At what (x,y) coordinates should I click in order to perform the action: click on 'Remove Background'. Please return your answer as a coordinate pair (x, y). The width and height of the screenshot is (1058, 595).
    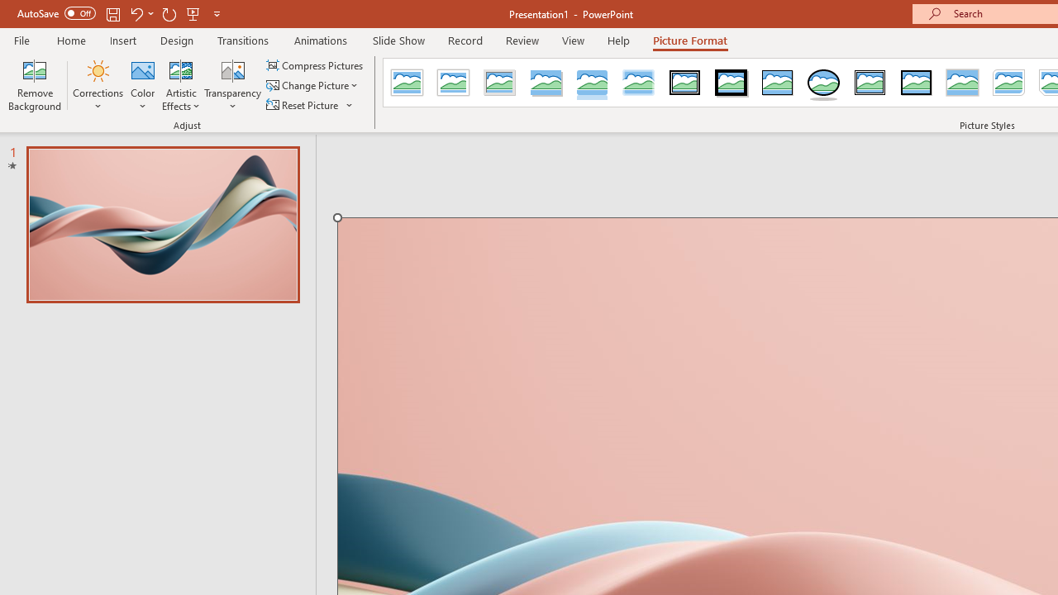
    Looking at the image, I should click on (35, 85).